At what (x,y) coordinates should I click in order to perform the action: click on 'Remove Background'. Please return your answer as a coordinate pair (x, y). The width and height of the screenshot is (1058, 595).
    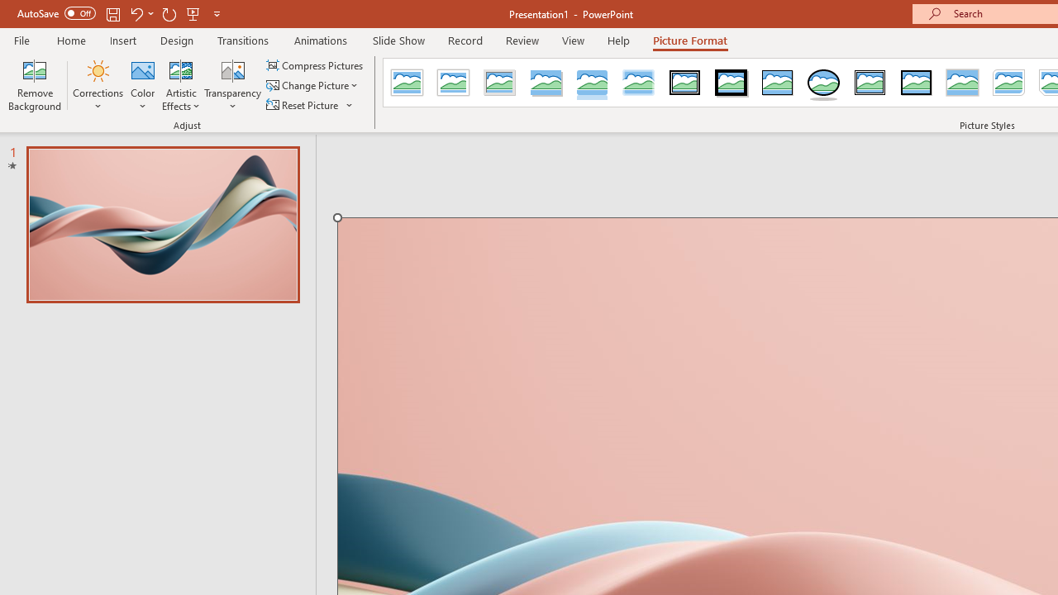
    Looking at the image, I should click on (35, 85).